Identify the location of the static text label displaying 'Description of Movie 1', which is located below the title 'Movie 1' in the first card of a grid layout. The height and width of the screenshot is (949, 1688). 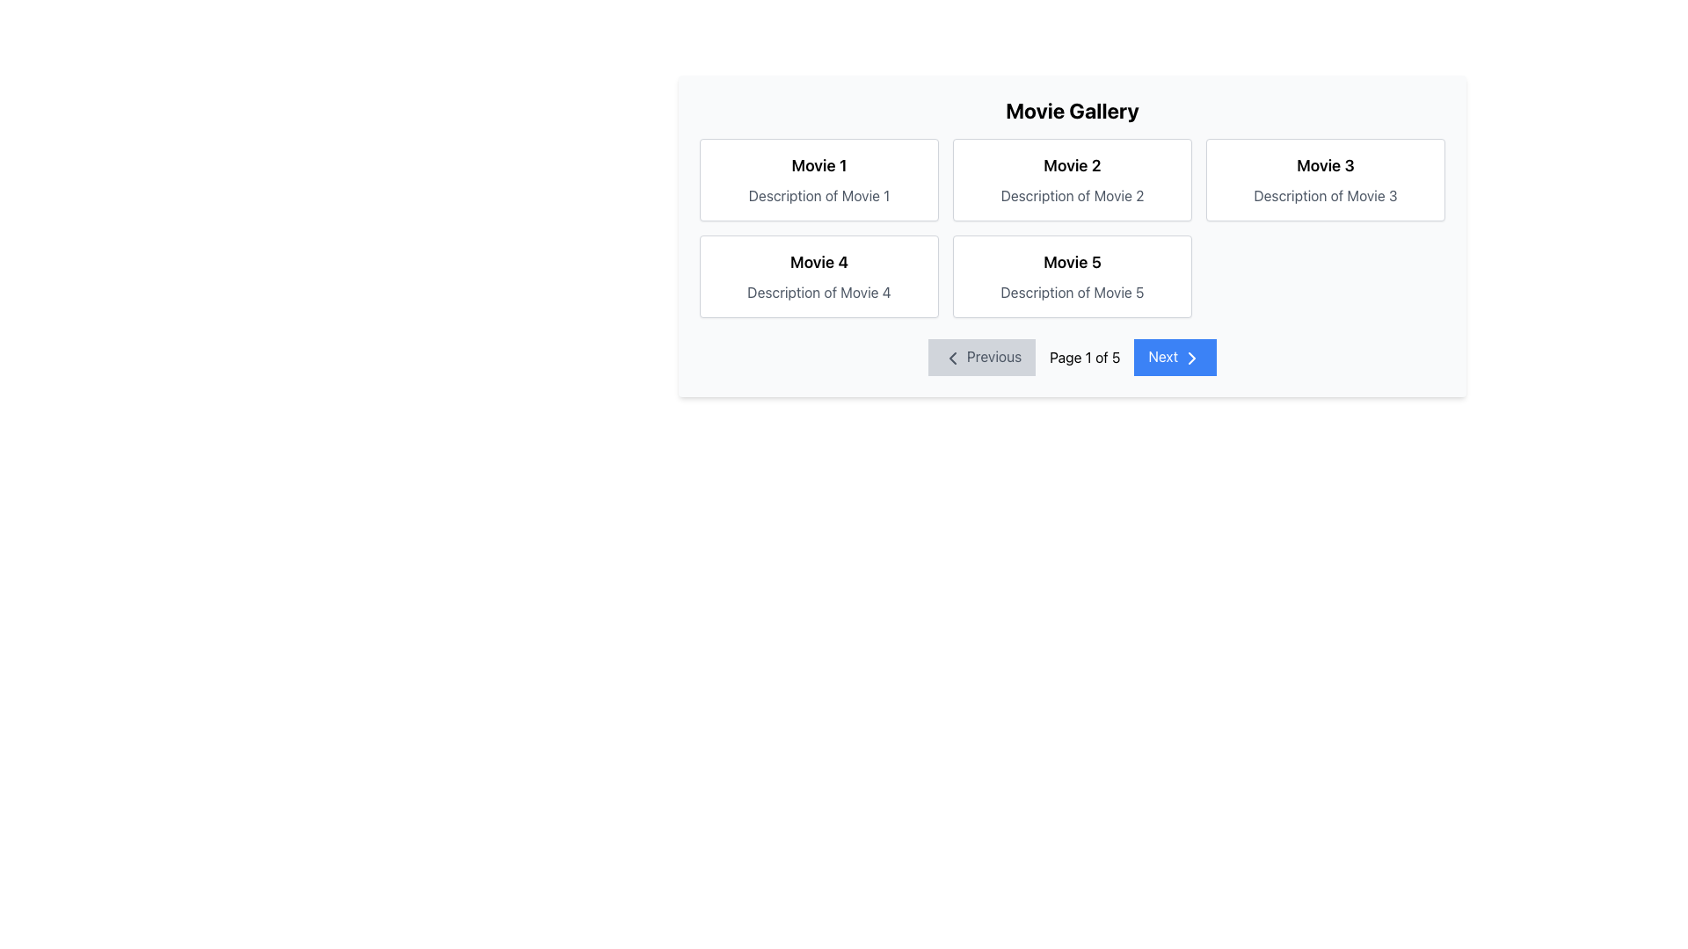
(818, 196).